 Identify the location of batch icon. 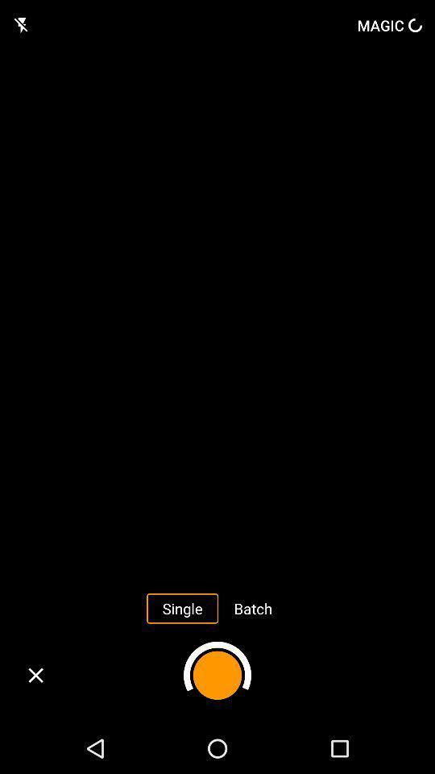
(253, 607).